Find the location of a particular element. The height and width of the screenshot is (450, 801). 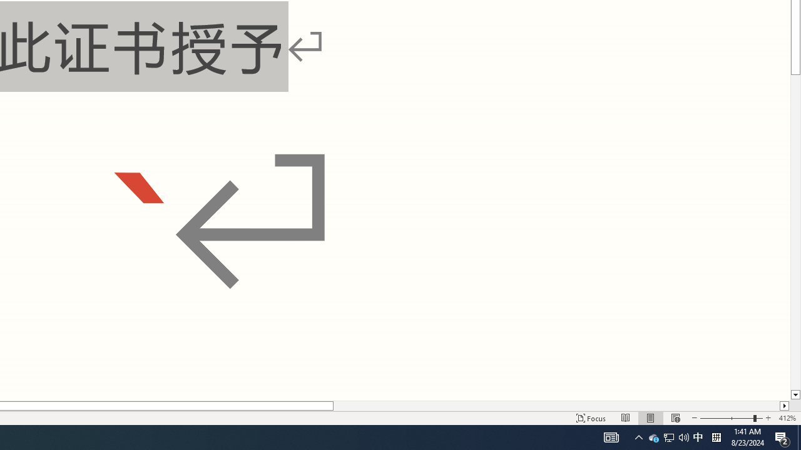

'Page down' is located at coordinates (795, 232).